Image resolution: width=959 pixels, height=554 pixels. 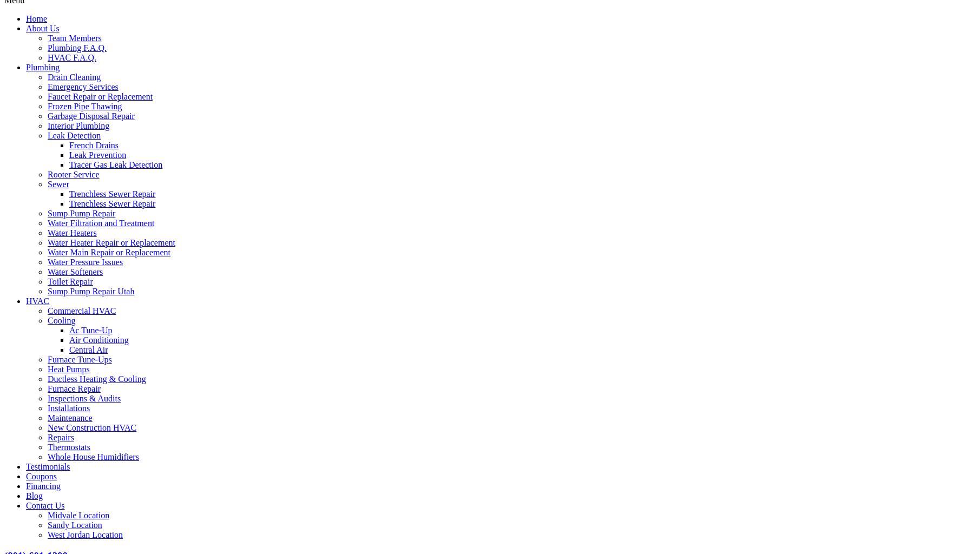 I want to click on 'Leak Prevention', so click(x=69, y=154).